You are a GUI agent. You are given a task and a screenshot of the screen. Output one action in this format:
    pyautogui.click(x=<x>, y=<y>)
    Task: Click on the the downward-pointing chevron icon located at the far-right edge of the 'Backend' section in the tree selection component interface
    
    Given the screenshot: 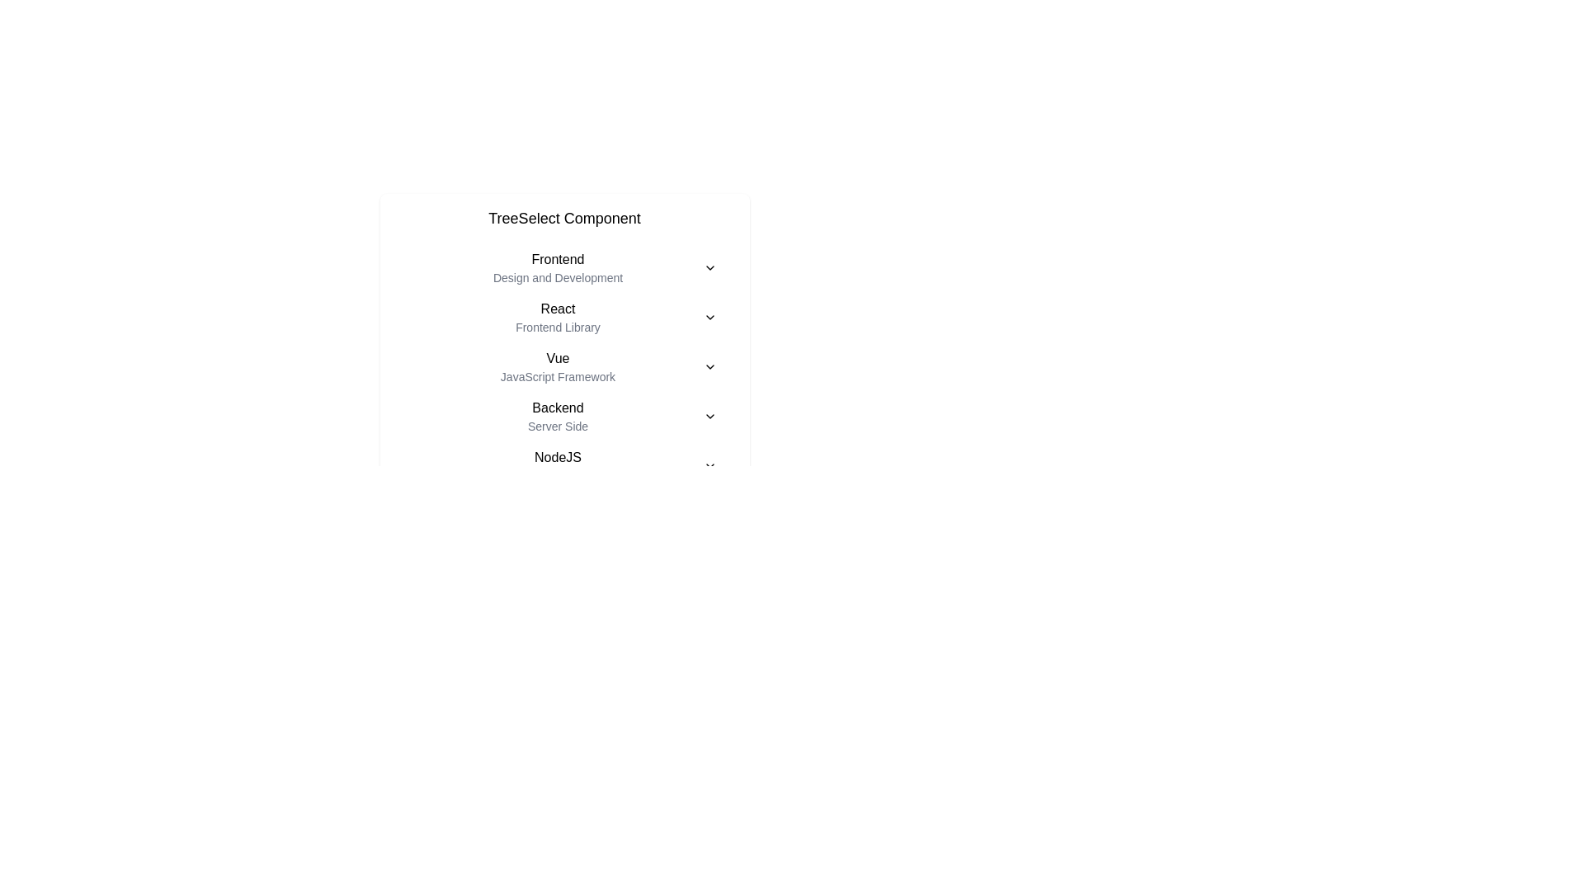 What is the action you would take?
    pyautogui.click(x=709, y=416)
    